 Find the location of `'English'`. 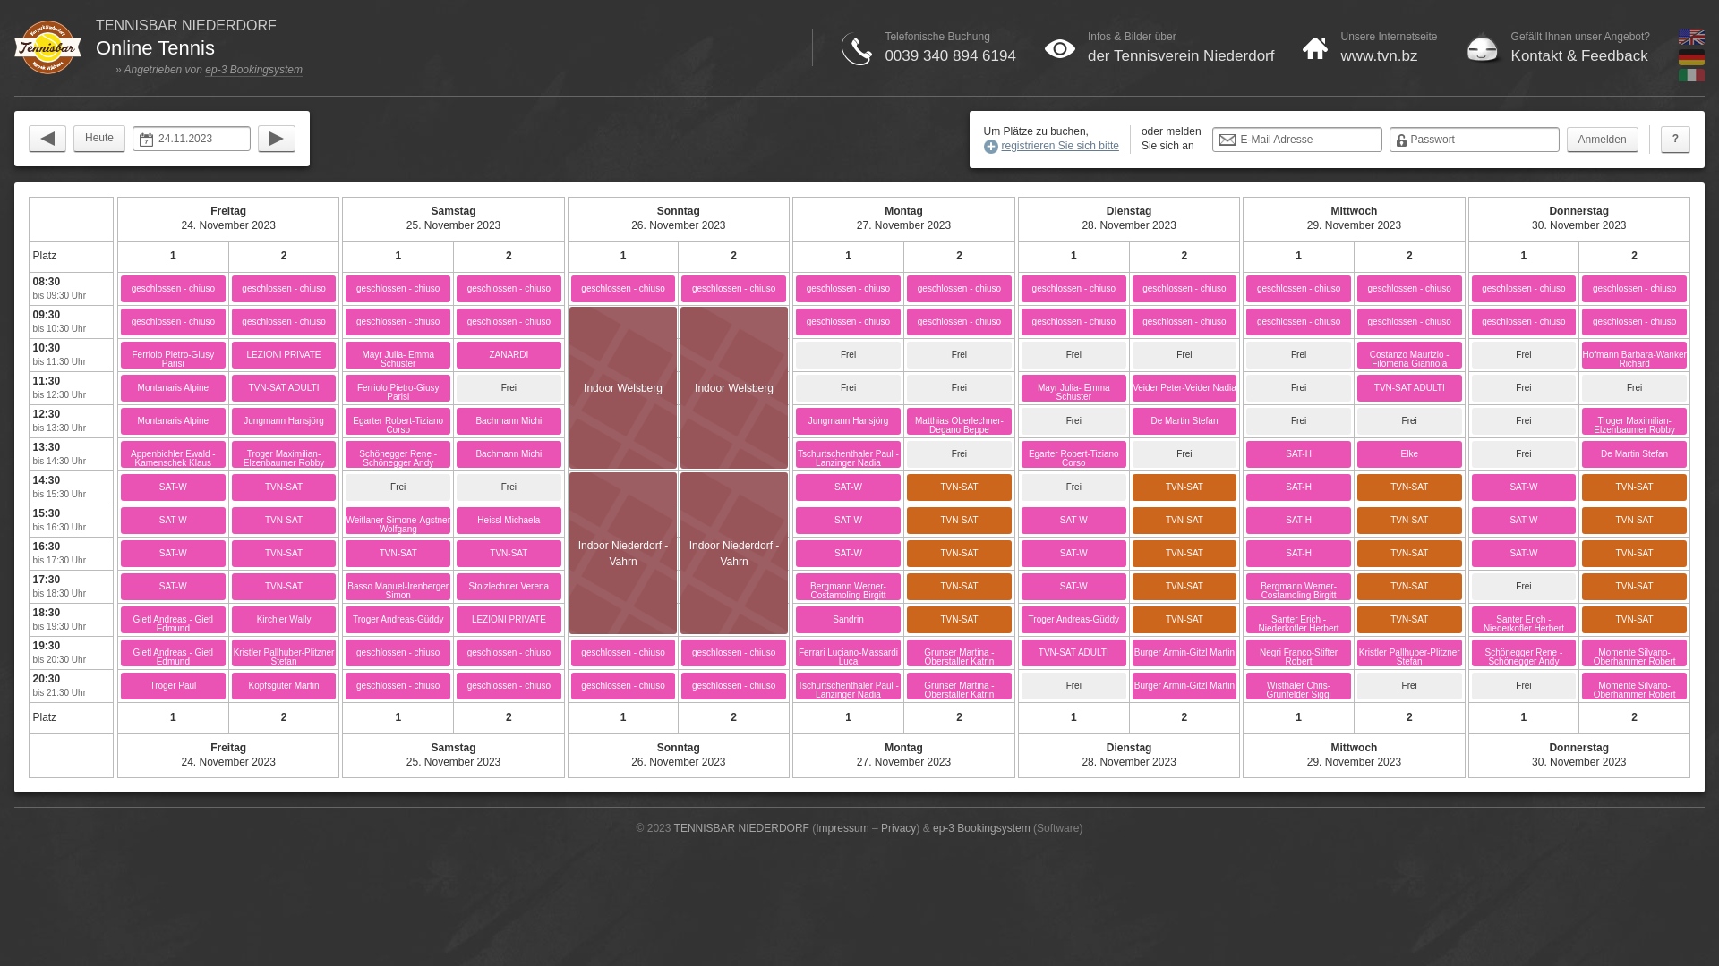

'English' is located at coordinates (1690, 40).